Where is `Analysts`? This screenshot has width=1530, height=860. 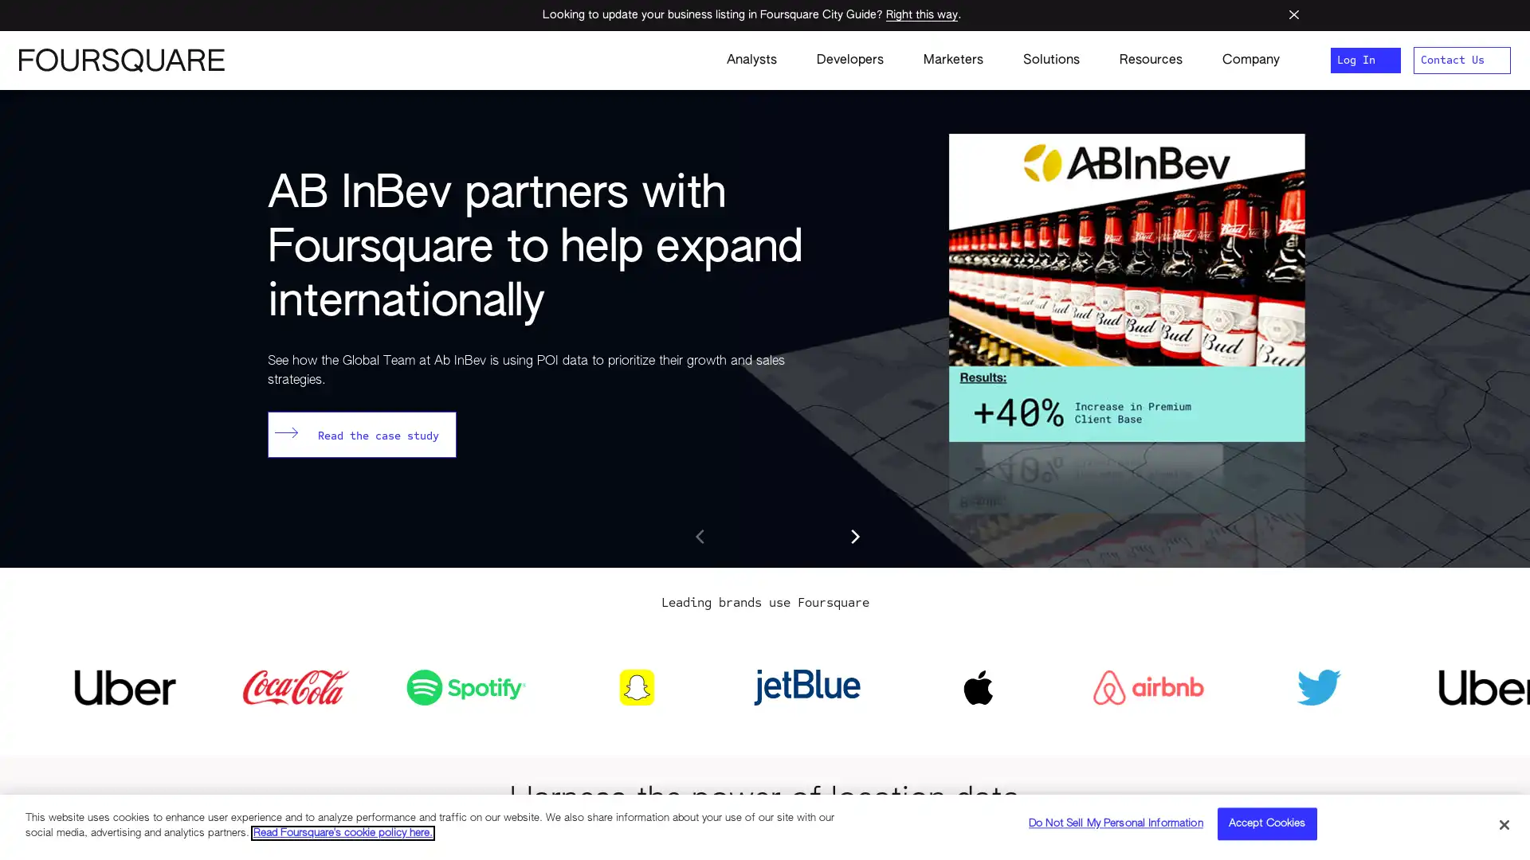 Analysts is located at coordinates (751, 61).